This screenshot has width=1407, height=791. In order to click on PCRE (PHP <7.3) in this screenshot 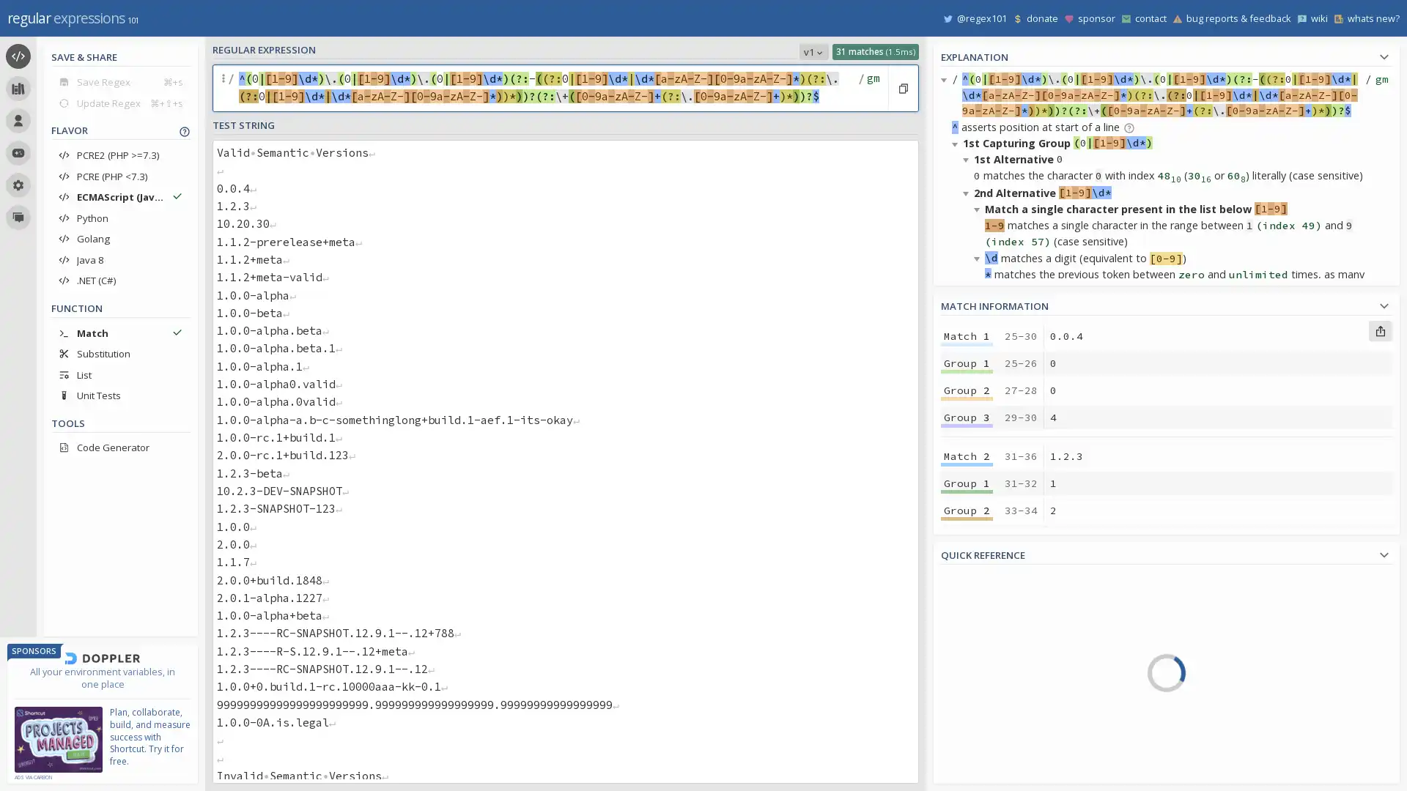, I will do `click(120, 175)`.